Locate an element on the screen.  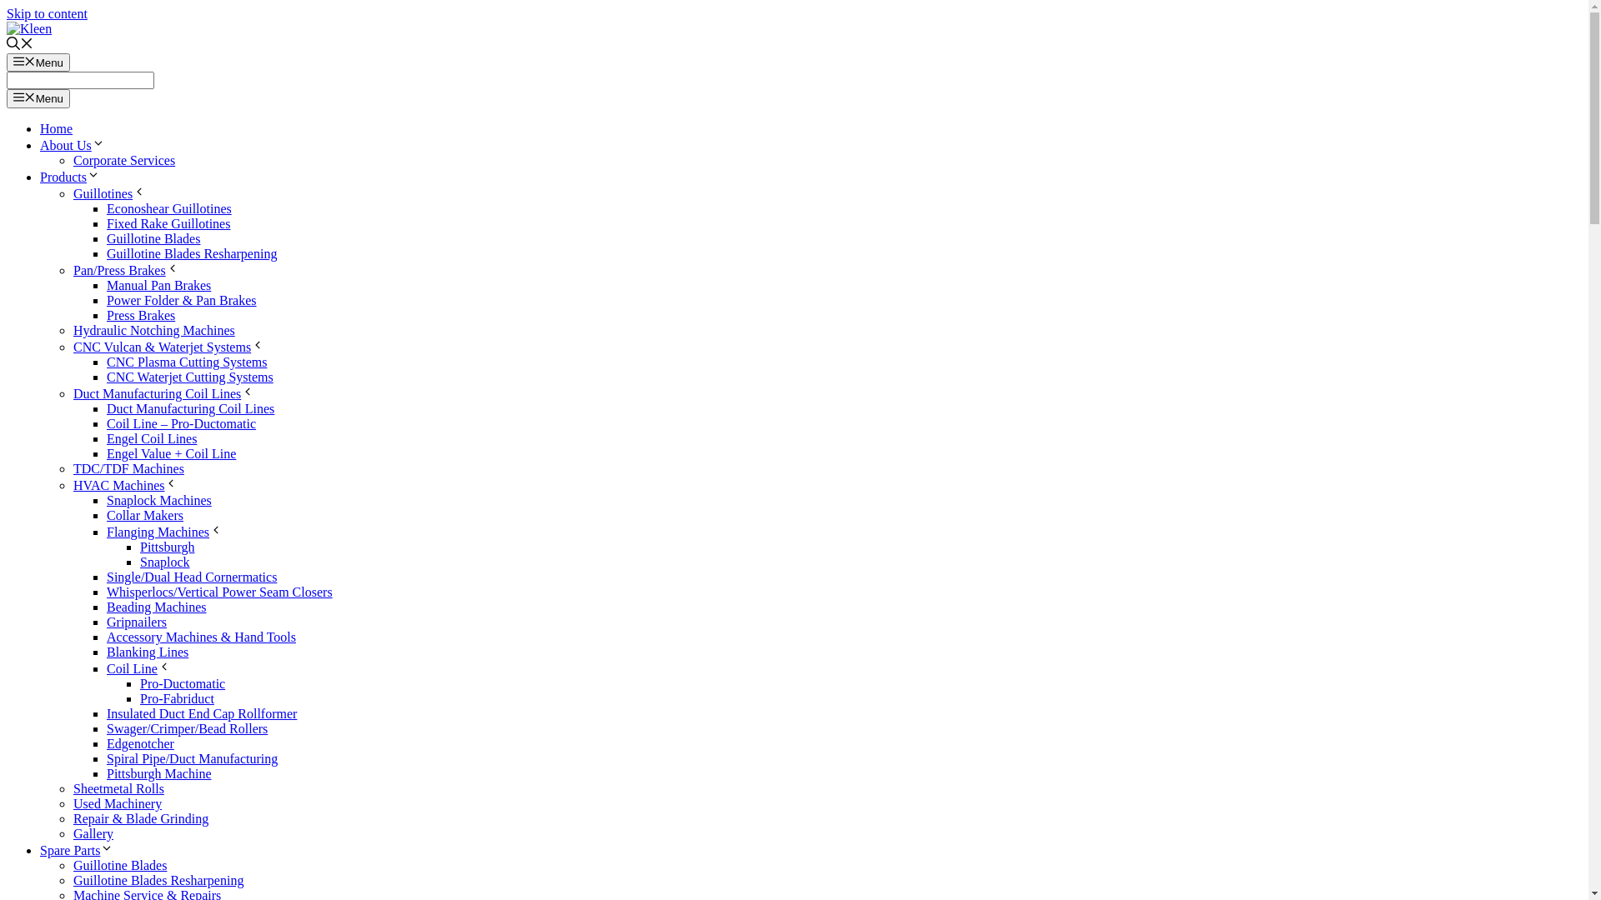
'Guillotine Blades' is located at coordinates (119, 864).